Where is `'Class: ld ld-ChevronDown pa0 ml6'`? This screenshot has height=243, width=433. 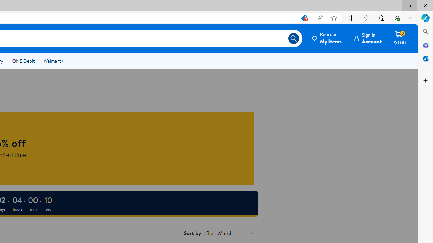 'Class: ld ld-ChevronDown pa0 ml6' is located at coordinates (251, 233).